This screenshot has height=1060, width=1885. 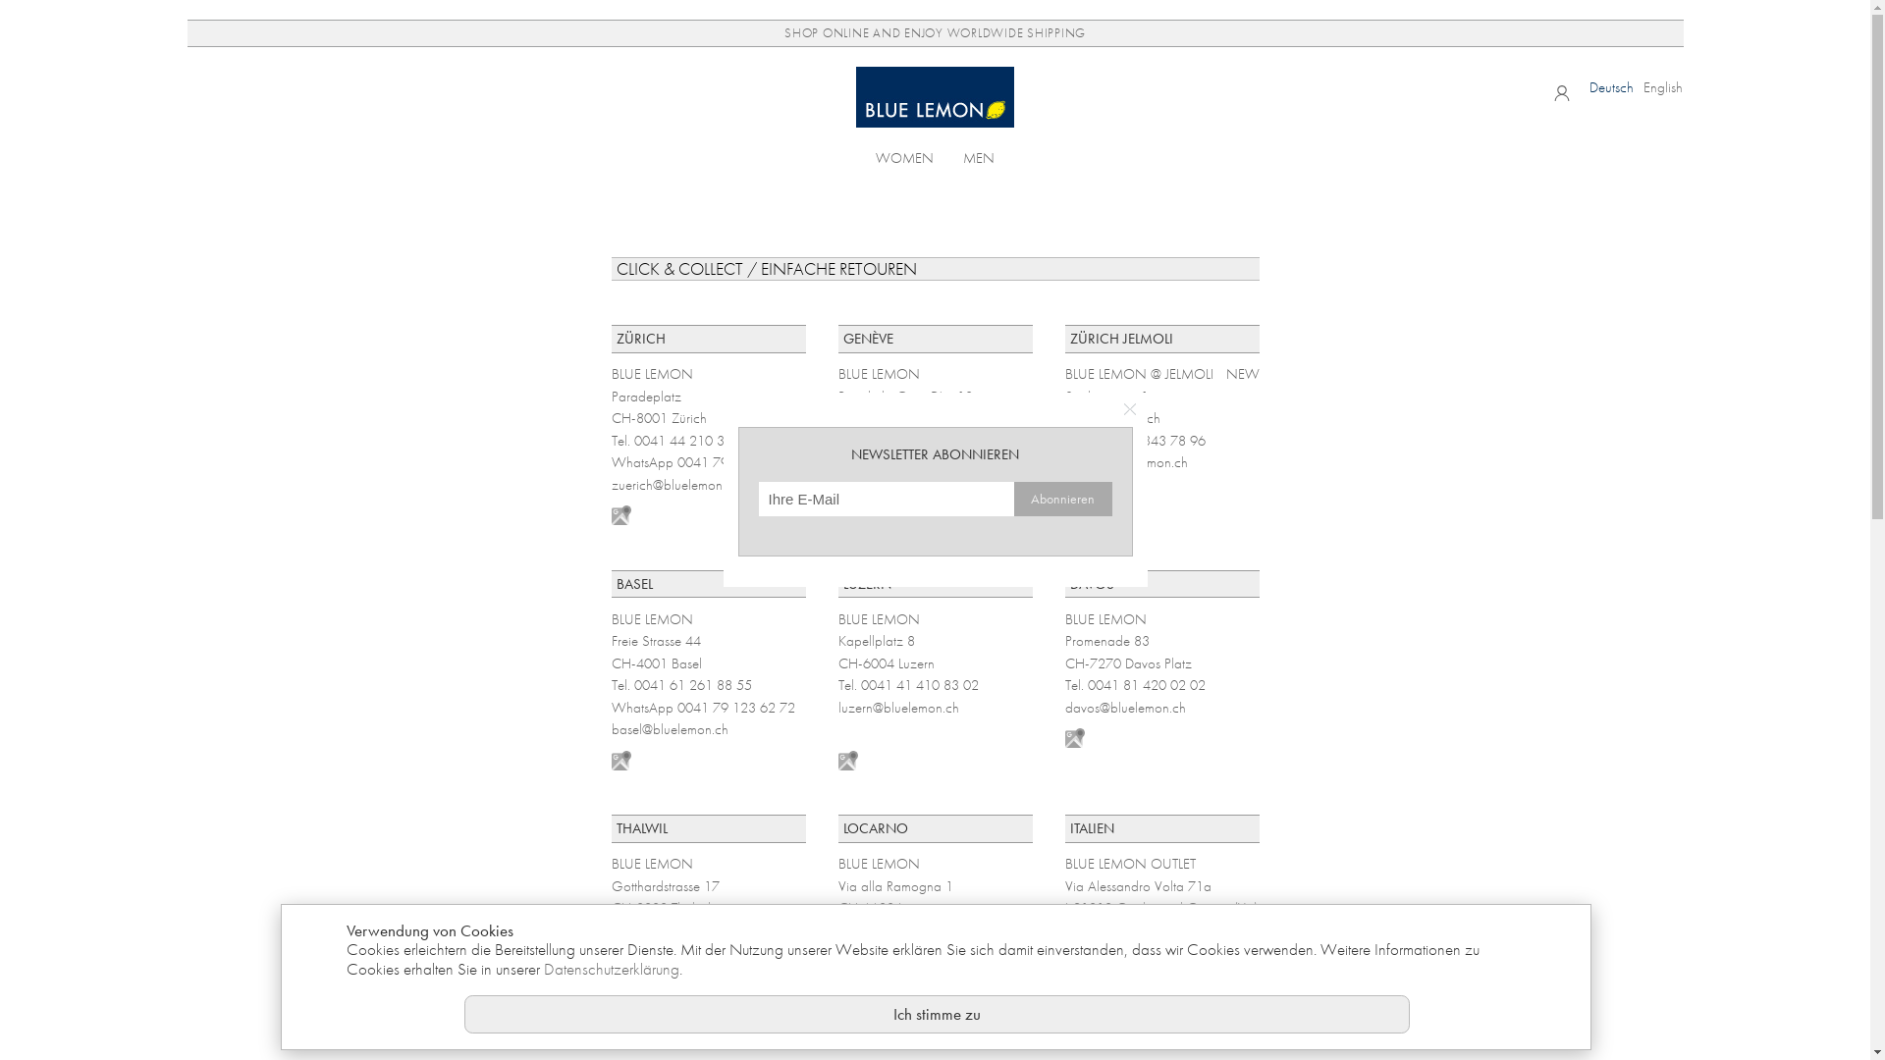 I want to click on 'SHOP ONLINE AND ENJOY WORLDWIDE SHIPPING', so click(x=933, y=33).